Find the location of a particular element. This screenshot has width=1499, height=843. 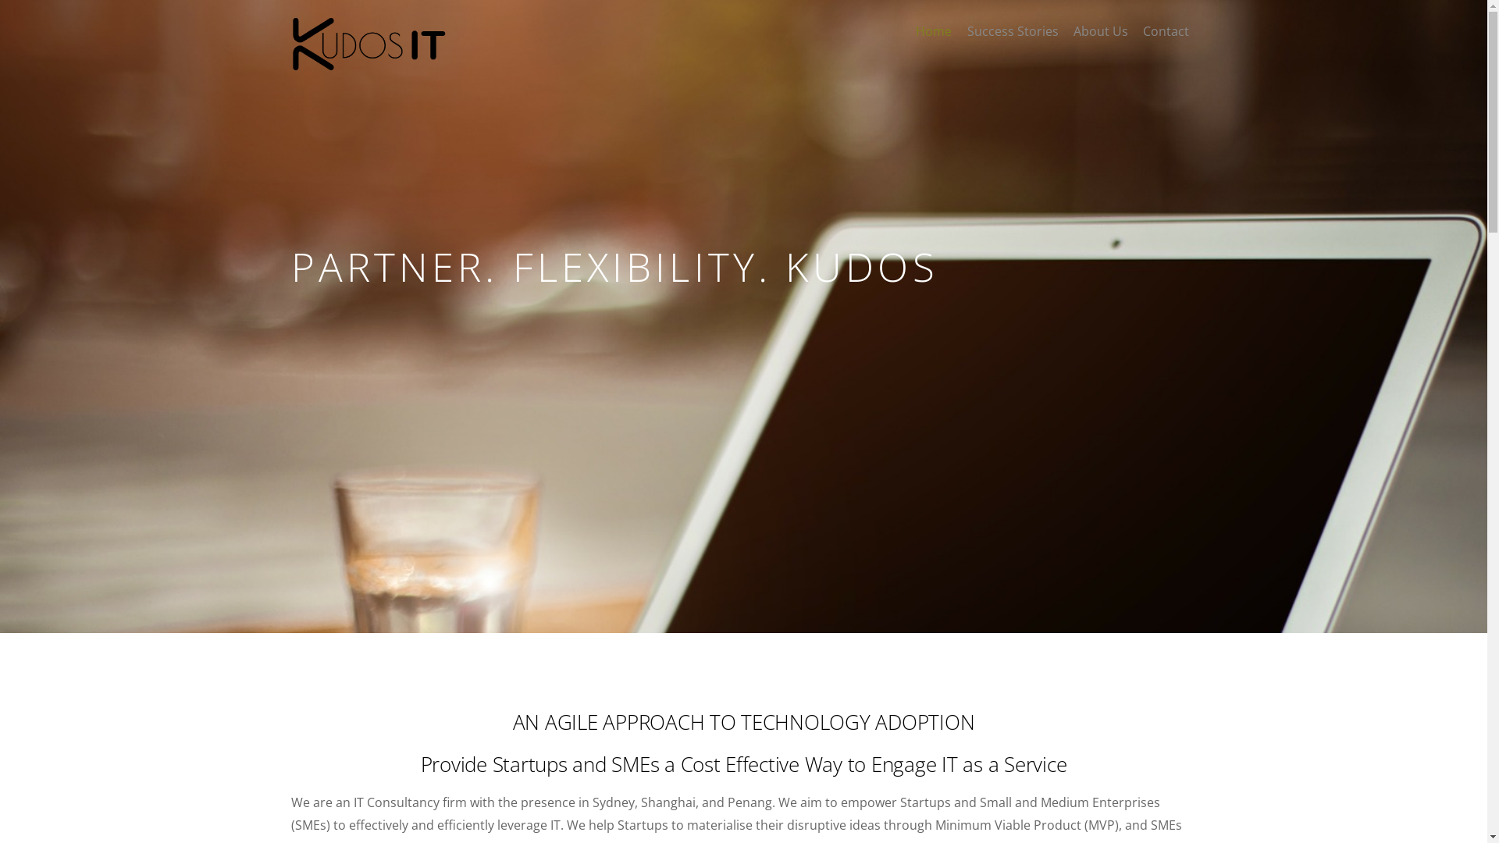

'Kudos IT' is located at coordinates (367, 62).